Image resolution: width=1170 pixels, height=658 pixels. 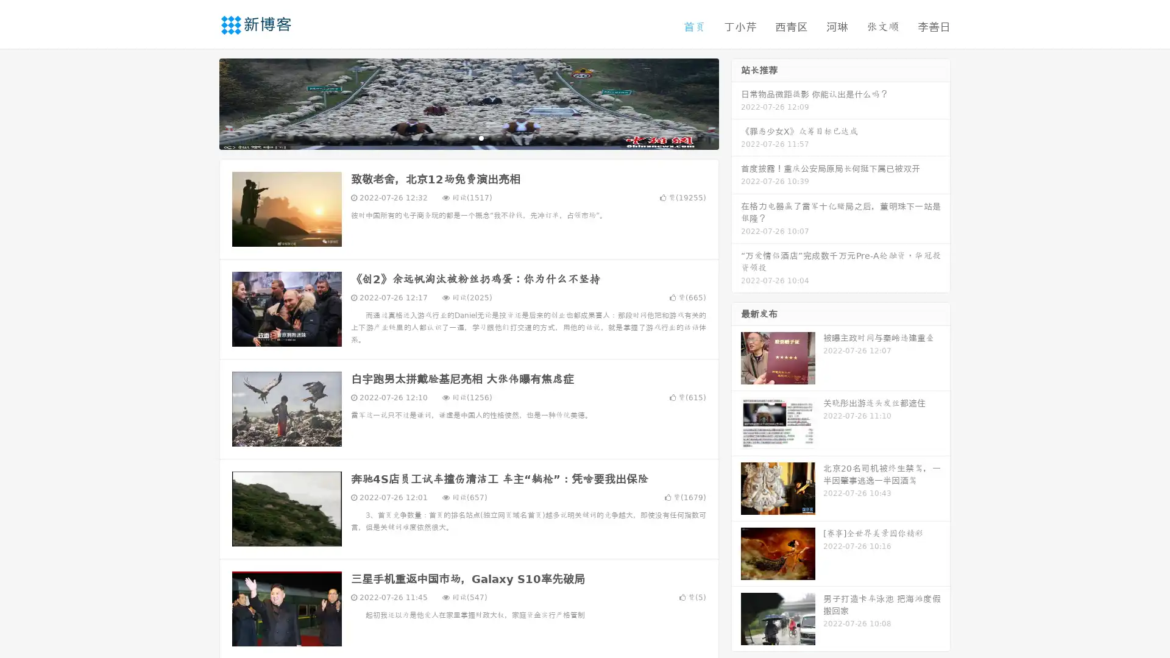 I want to click on Next slide, so click(x=736, y=102).